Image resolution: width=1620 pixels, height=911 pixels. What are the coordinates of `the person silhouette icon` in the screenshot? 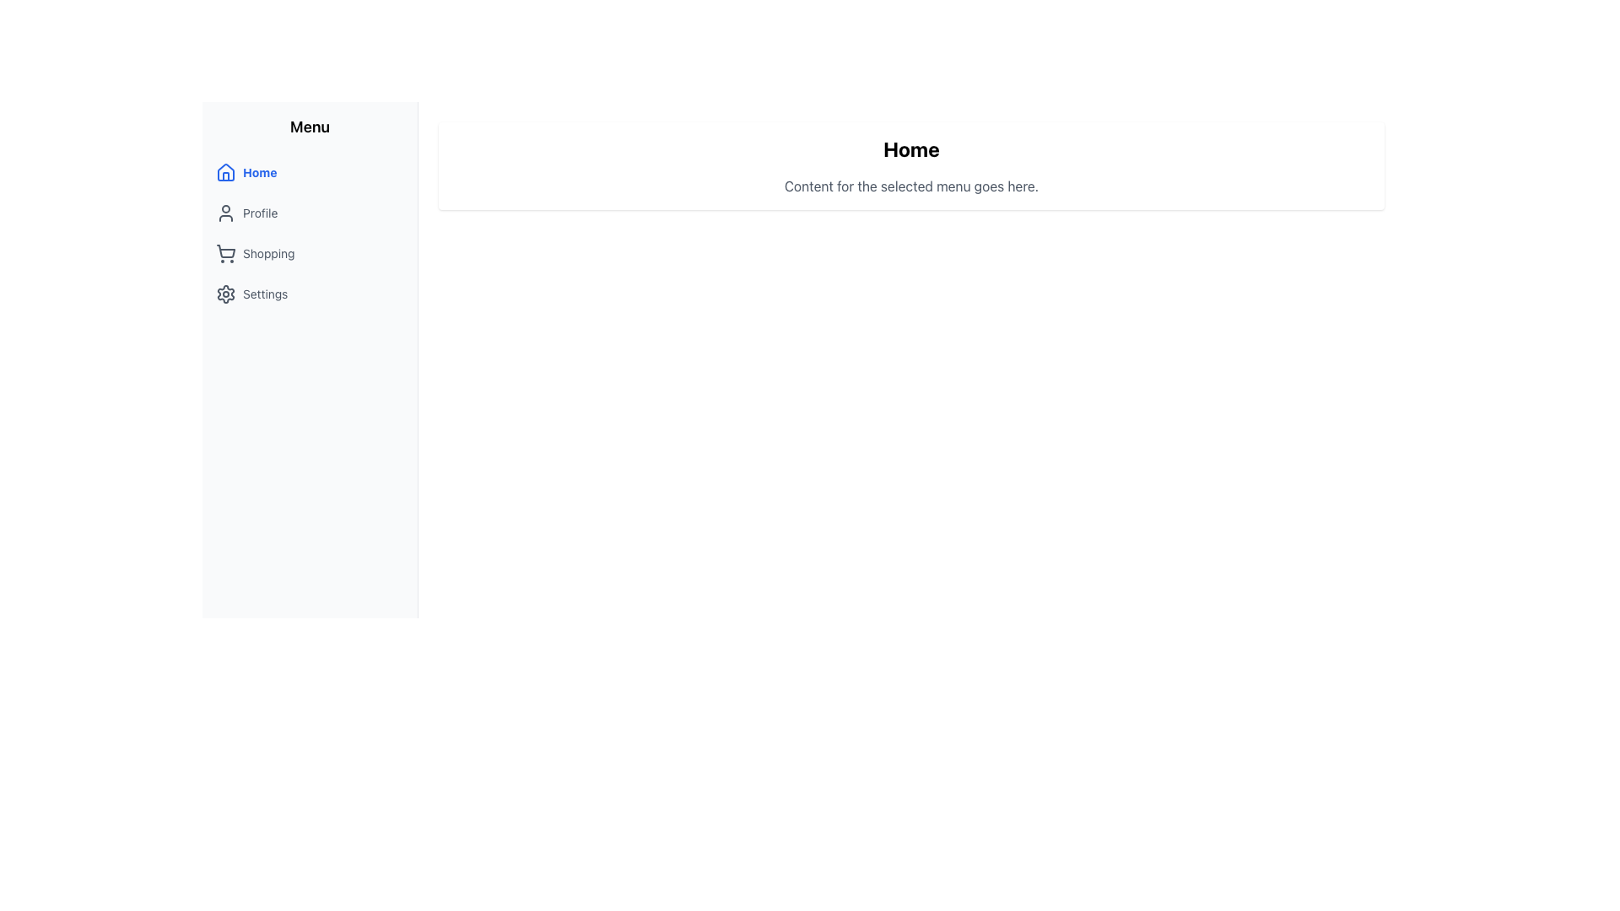 It's located at (225, 213).